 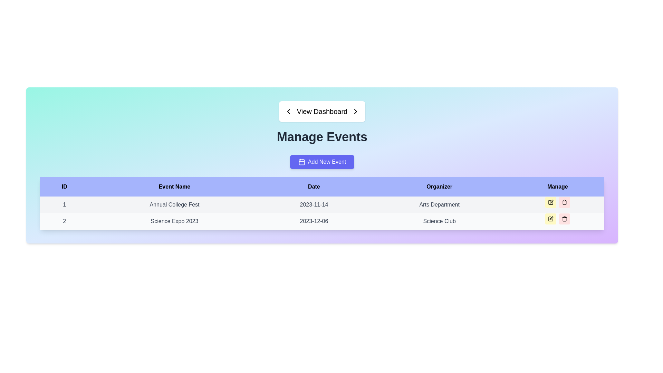 What do you see at coordinates (321, 204) in the screenshot?
I see `the first row of the event table located below the 'Manage Events' heading by clicking on its center` at bounding box center [321, 204].